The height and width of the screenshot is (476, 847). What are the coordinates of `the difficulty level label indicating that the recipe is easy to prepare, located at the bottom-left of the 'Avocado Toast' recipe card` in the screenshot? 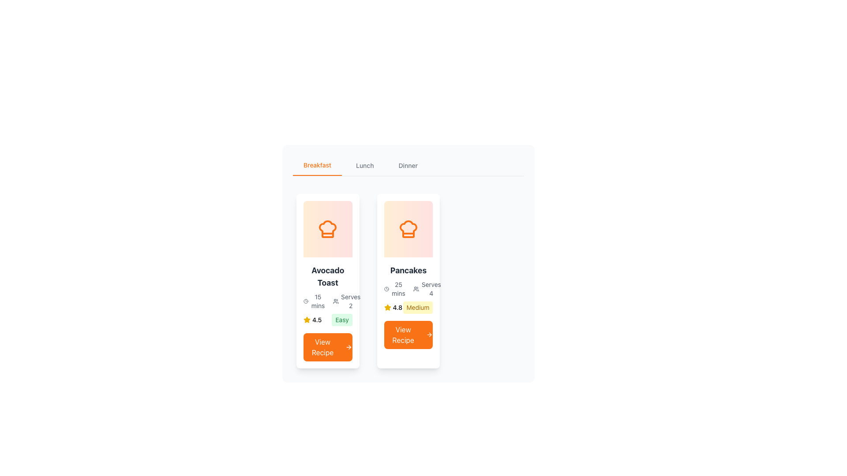 It's located at (341, 320).